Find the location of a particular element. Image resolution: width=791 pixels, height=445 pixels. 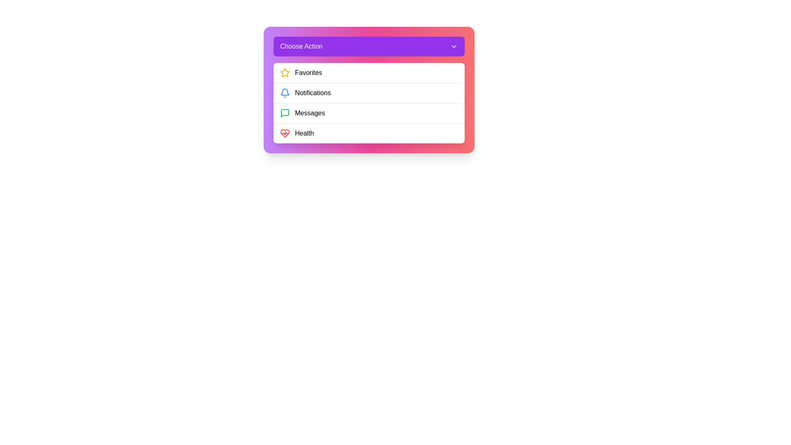

the 'Messages' icon in the action menu, which is the third icon from the top, visually representing the 'Messages' action is located at coordinates (285, 113).